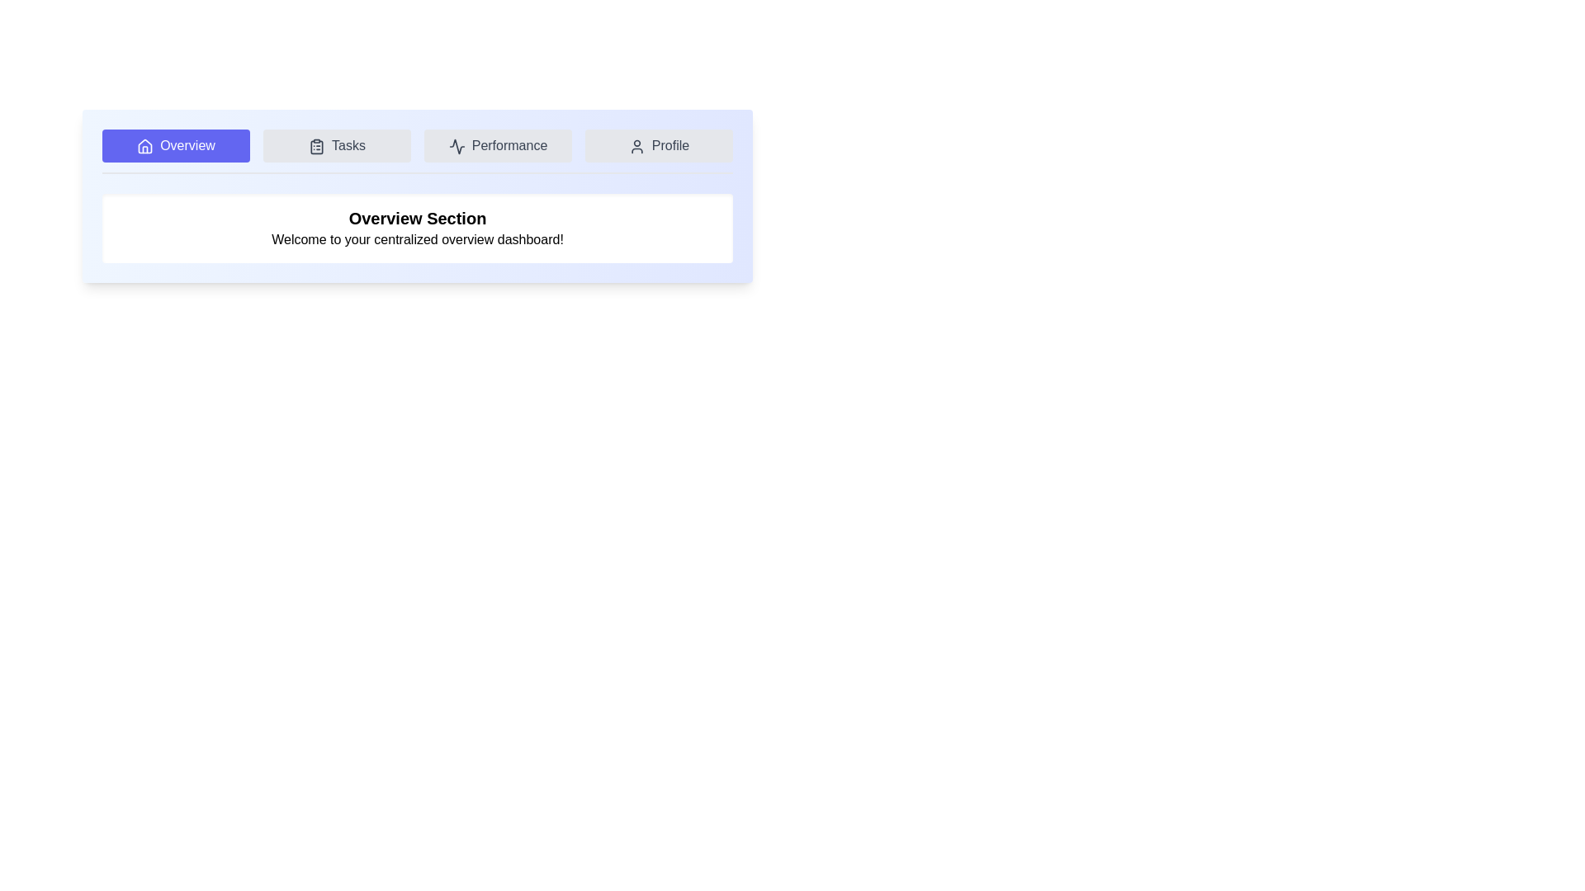 The image size is (1585, 891). What do you see at coordinates (417, 229) in the screenshot?
I see `the Informational Block located below the navigation bar, which provides introductory information about the dashboard` at bounding box center [417, 229].